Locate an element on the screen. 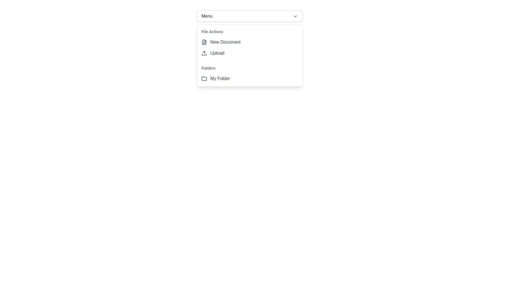  the Dropdown menu trigger element labeled 'Menu' to activate hover effects is located at coordinates (250, 16).